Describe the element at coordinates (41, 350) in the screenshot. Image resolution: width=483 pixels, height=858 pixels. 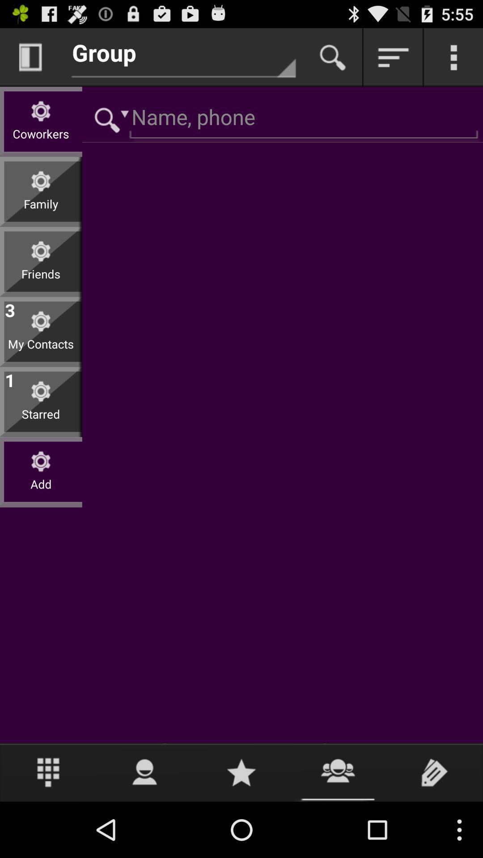
I see `my contacts item` at that location.